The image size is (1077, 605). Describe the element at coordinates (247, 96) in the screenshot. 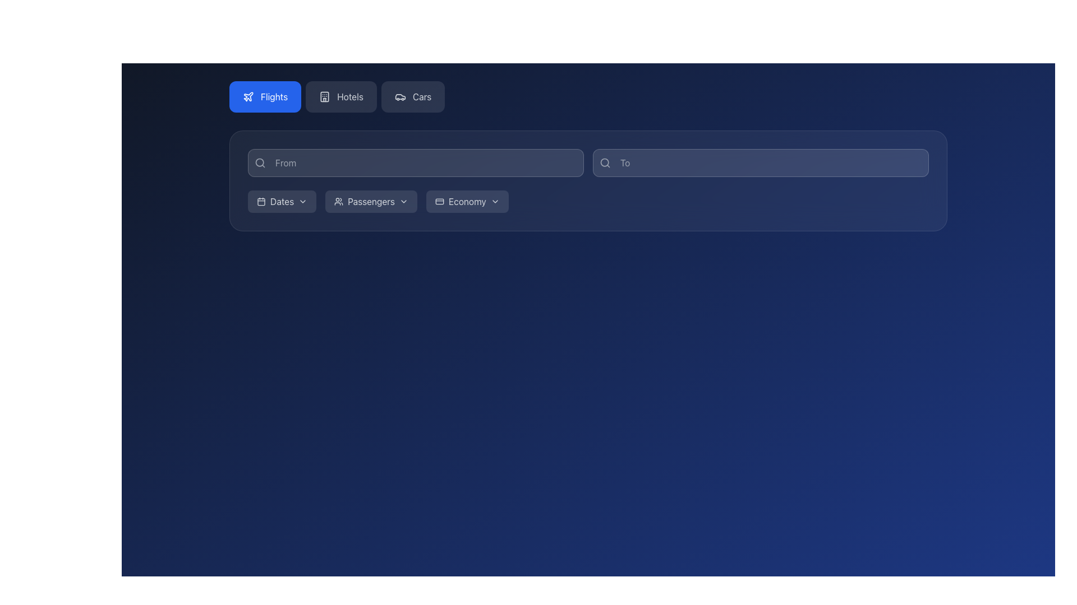

I see `the airplane icon located to the left of the 'Flights' button, which has a modern outline design and a white color against a blue background` at that location.